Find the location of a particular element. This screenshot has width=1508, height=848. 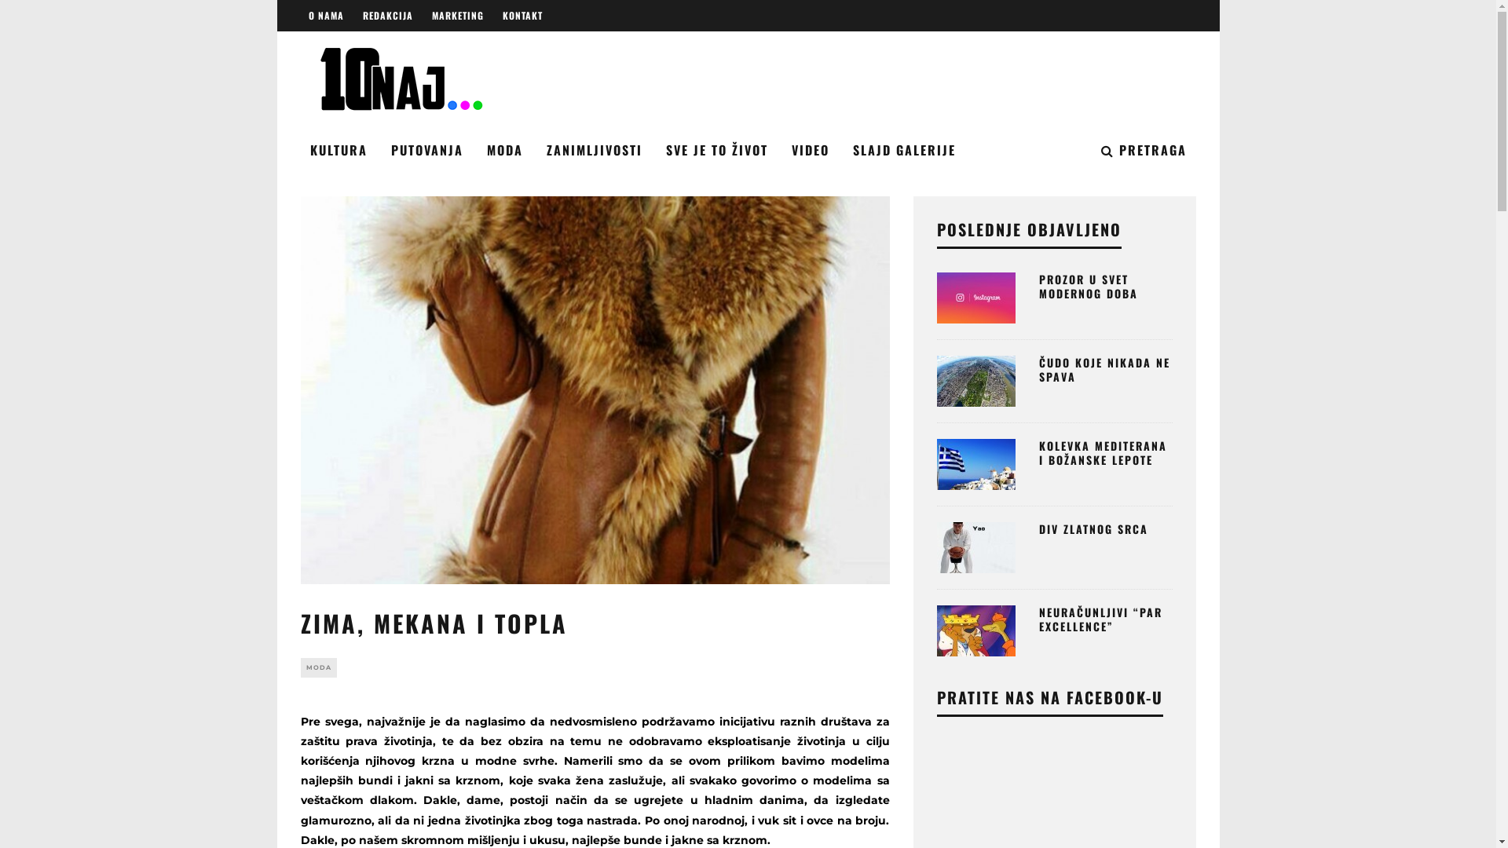

'KULTURA' is located at coordinates (300, 150).